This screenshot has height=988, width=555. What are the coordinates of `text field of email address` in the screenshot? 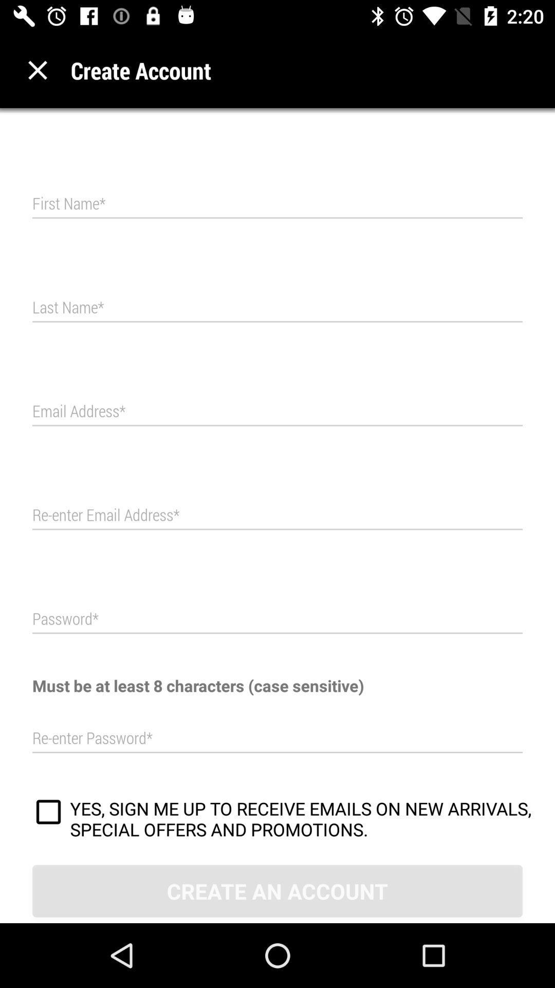 It's located at (277, 412).